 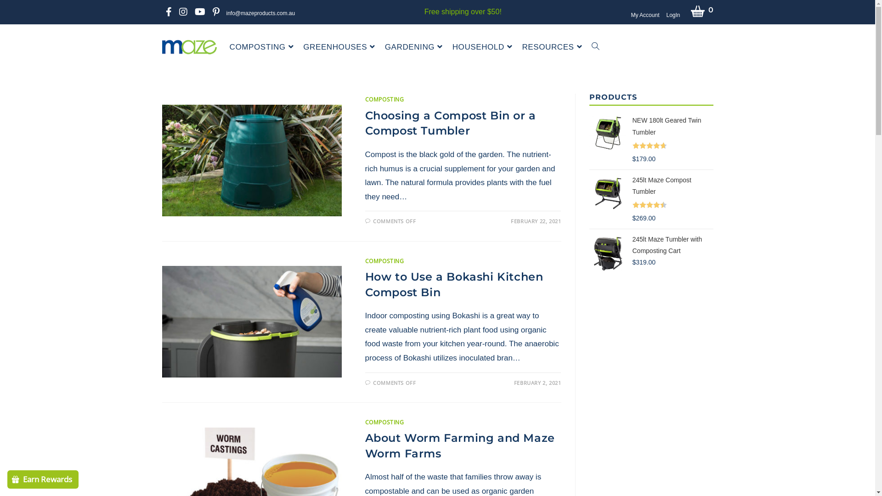 What do you see at coordinates (483, 47) in the screenshot?
I see `'HOUSEHOLD'` at bounding box center [483, 47].